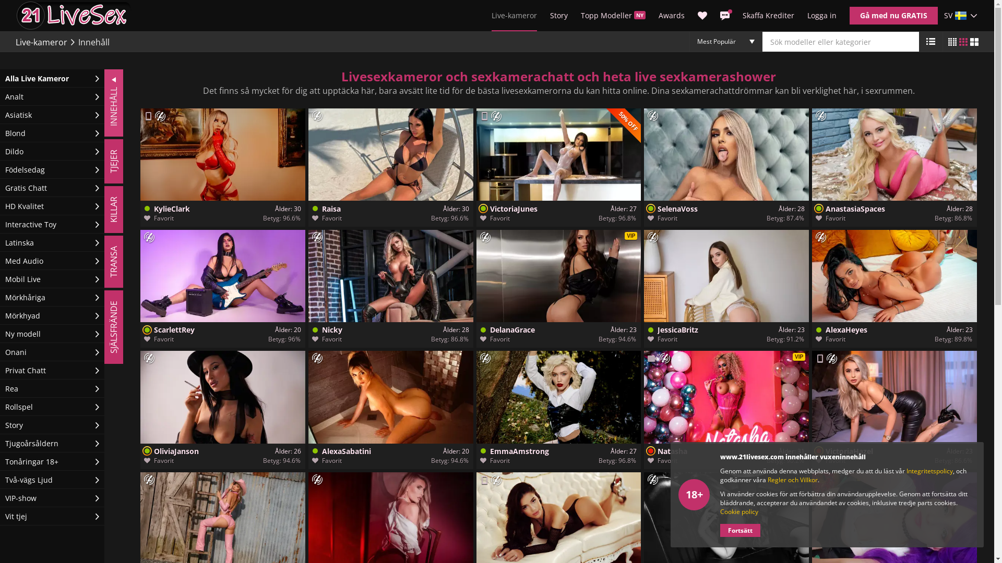  Describe the element at coordinates (0, 151) in the screenshot. I see `'Dildo'` at that location.